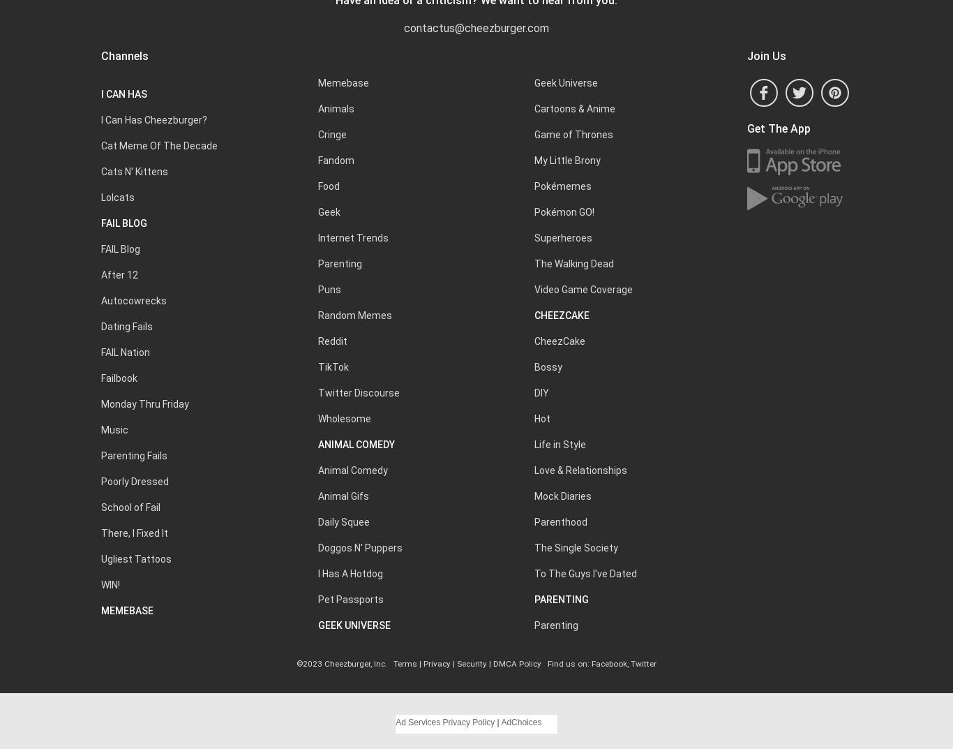 This screenshot has height=749, width=953. Describe the element at coordinates (117, 196) in the screenshot. I see `'Lolcats'` at that location.